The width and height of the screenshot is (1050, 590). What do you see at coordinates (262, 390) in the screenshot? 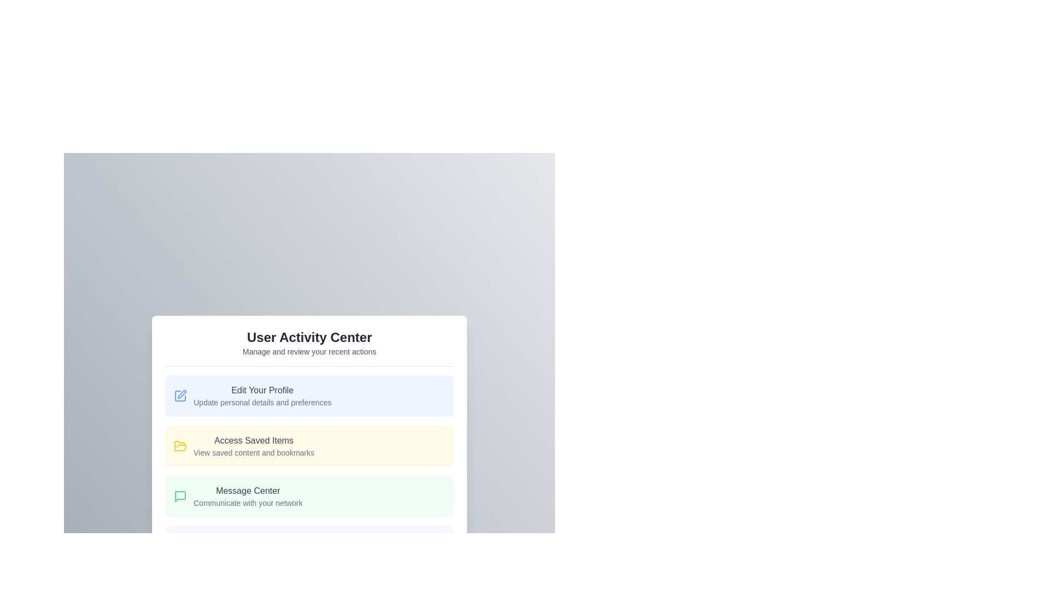
I see `the text label that serves as the title for the profile information editing section in the 'User Activity Center', which is positioned above the subtext 'Update personal details and preferences'` at bounding box center [262, 390].